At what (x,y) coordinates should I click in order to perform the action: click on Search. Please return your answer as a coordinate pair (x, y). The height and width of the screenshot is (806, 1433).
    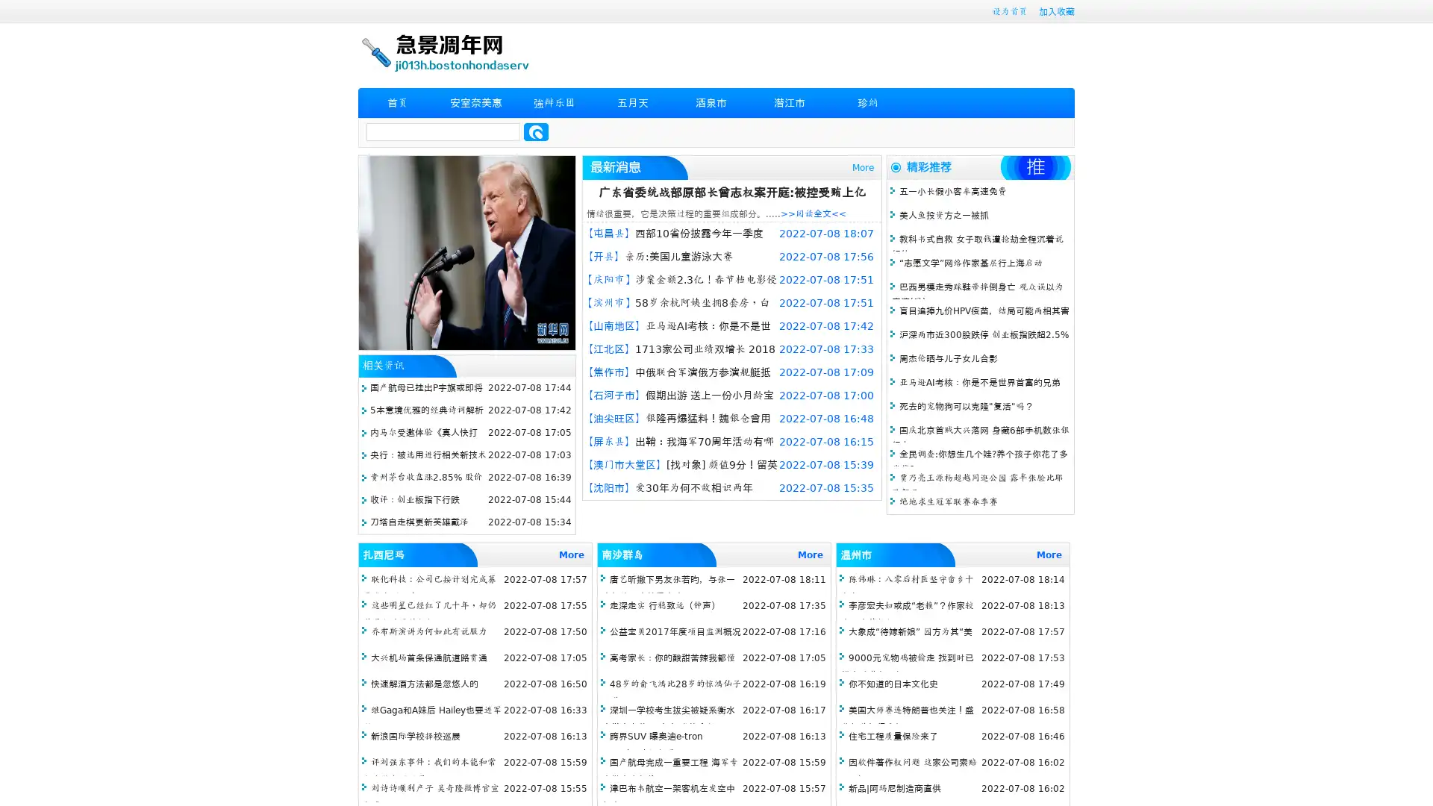
    Looking at the image, I should click on (536, 131).